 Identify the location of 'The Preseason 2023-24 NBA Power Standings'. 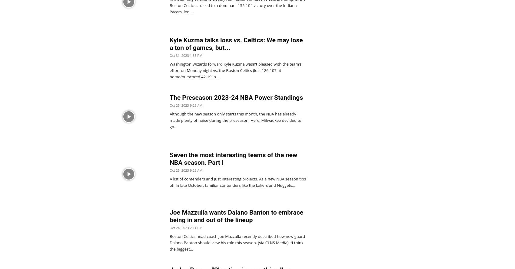
(236, 97).